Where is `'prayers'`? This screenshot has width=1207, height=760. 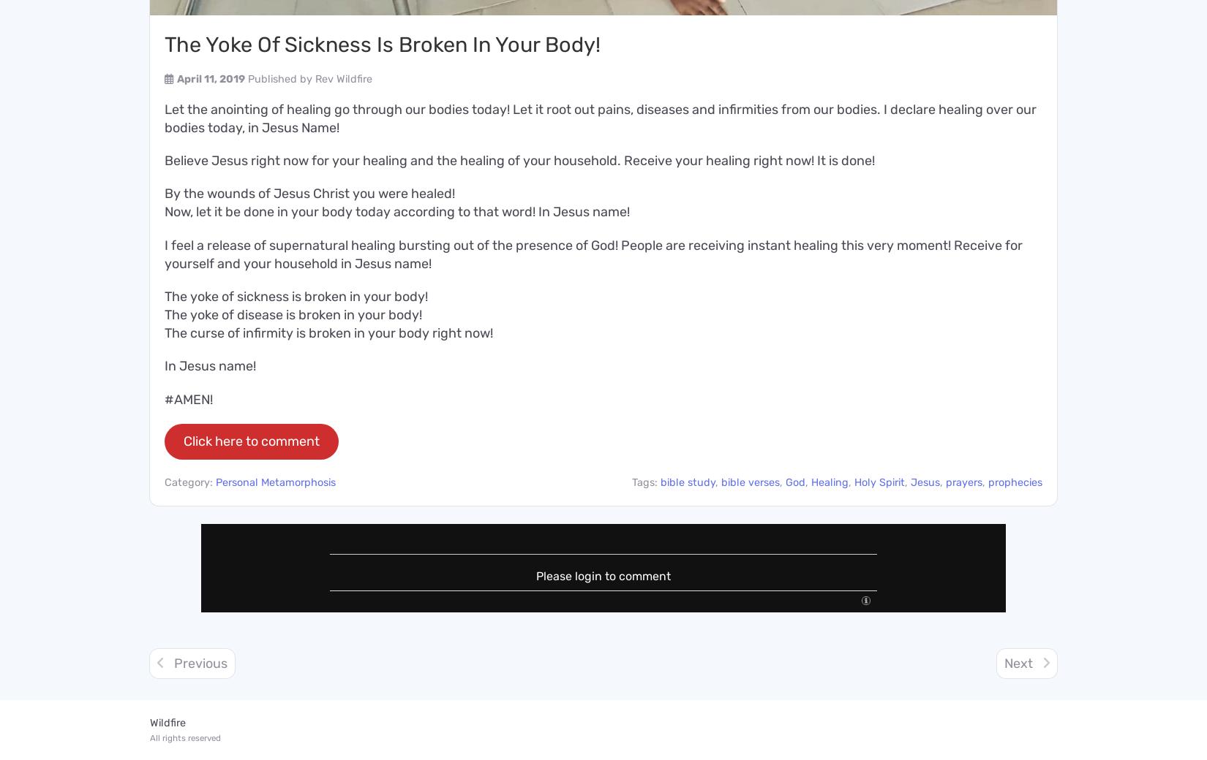
'prayers' is located at coordinates (963, 482).